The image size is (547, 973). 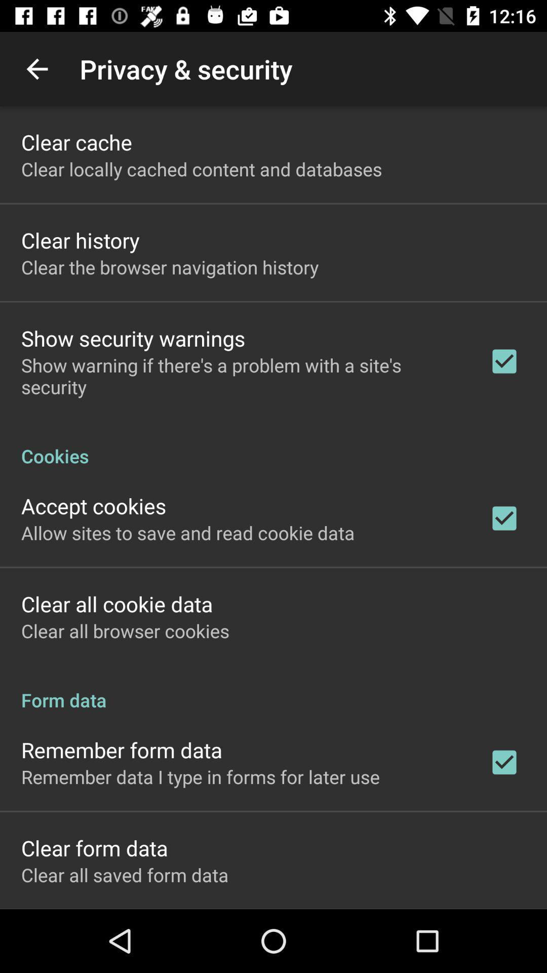 I want to click on the item below show security warnings icon, so click(x=242, y=376).